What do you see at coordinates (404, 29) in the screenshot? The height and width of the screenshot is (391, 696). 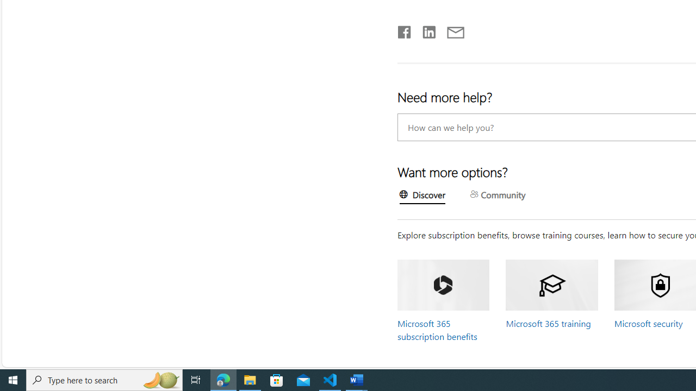 I see `'Share on Facebook'` at bounding box center [404, 29].